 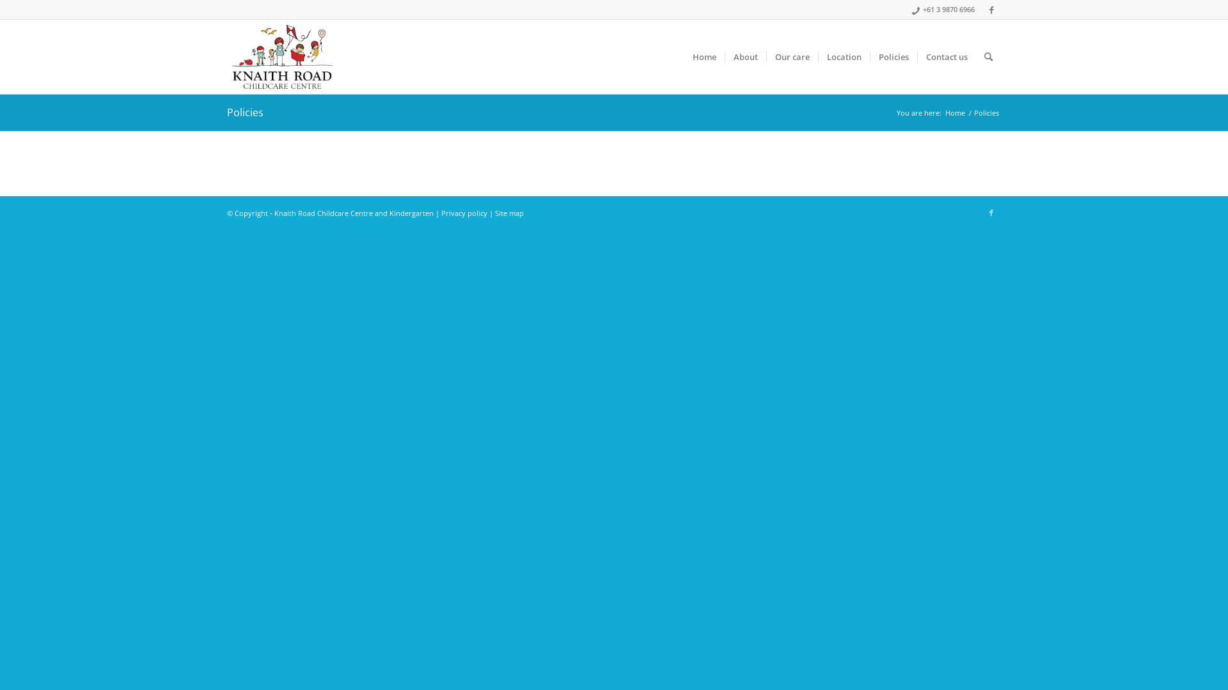 I want to click on 'Our care', so click(x=791, y=56).